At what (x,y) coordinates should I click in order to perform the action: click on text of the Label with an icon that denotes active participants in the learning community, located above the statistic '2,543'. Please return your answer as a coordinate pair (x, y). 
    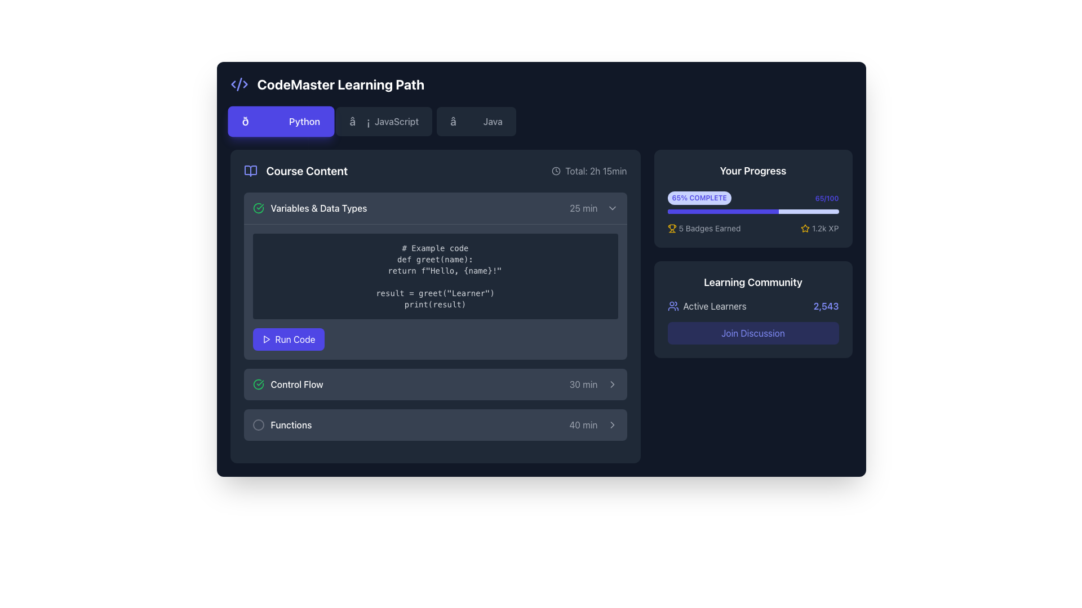
    Looking at the image, I should click on (706, 306).